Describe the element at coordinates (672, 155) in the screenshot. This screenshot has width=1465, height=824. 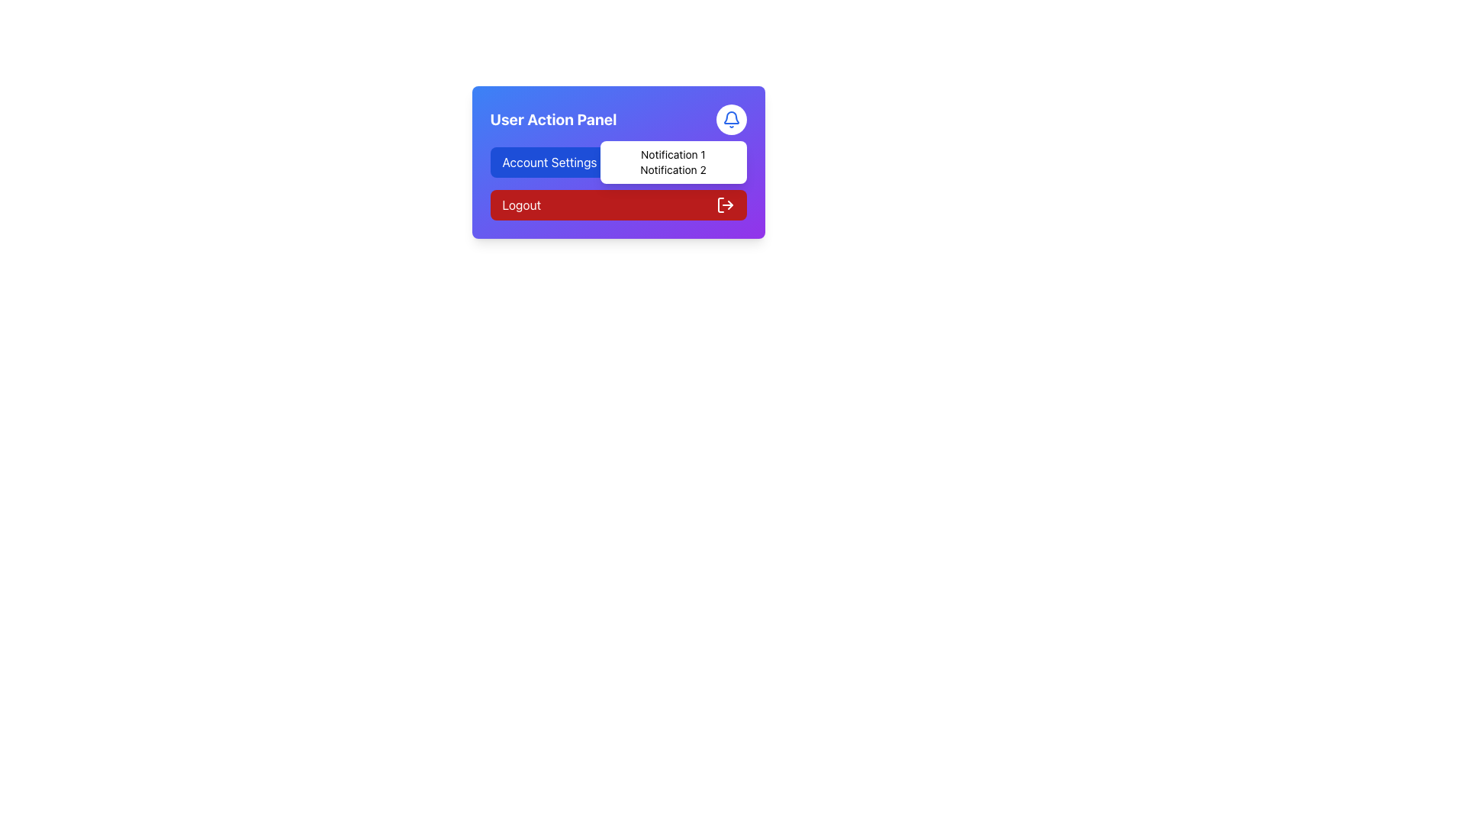
I see `the text label displaying 'Notification 1', which is the first item in the notification dropdown list` at that location.